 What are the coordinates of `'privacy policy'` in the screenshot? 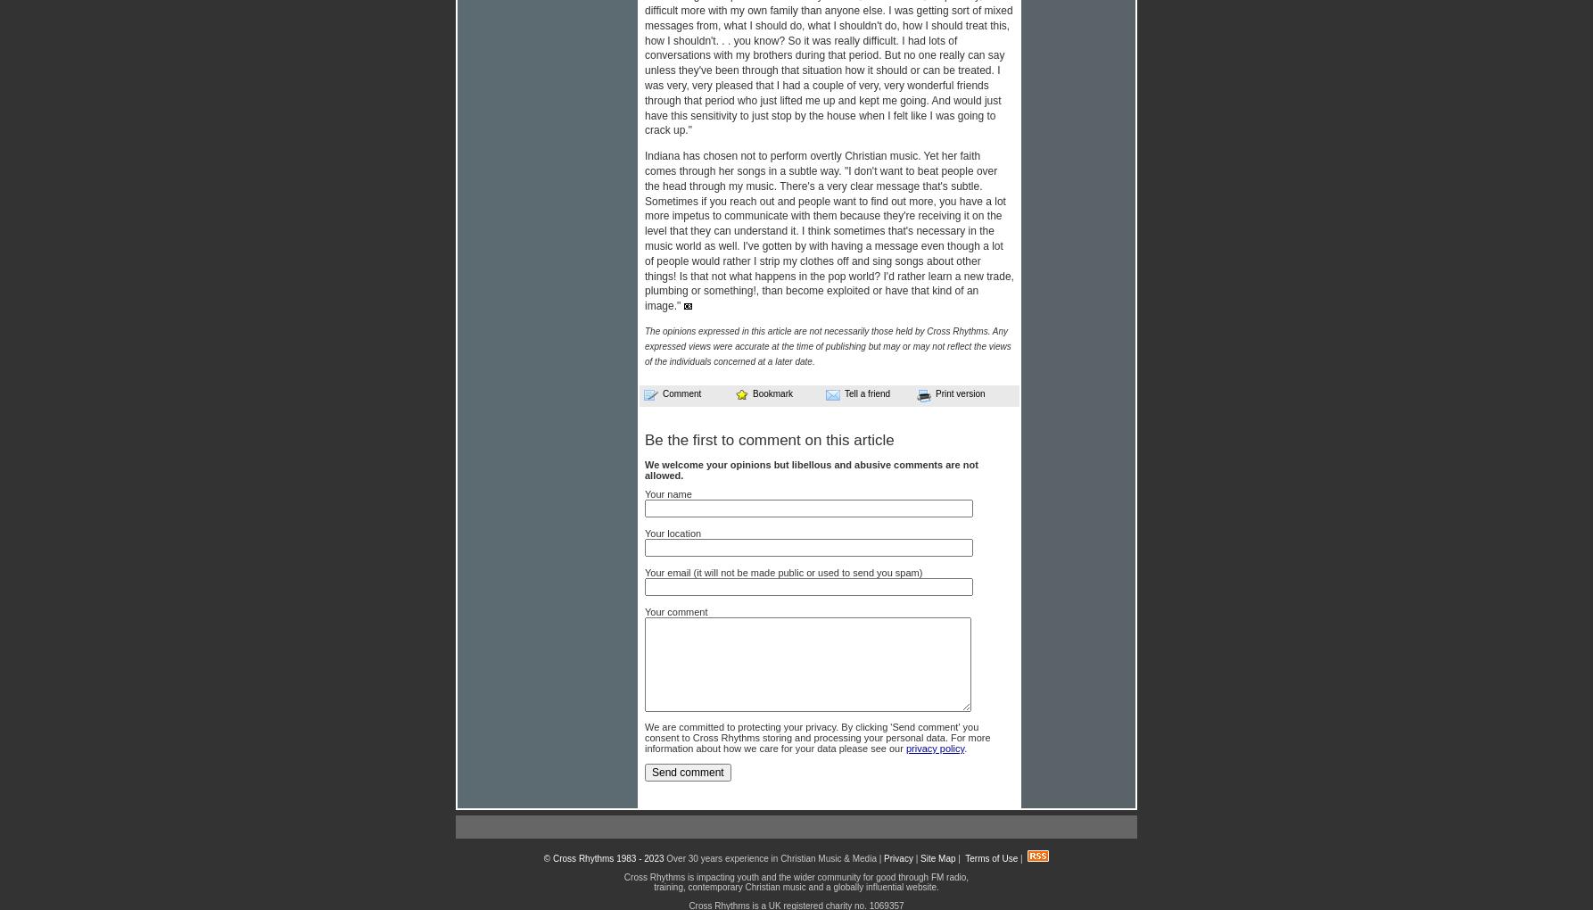 It's located at (934, 748).